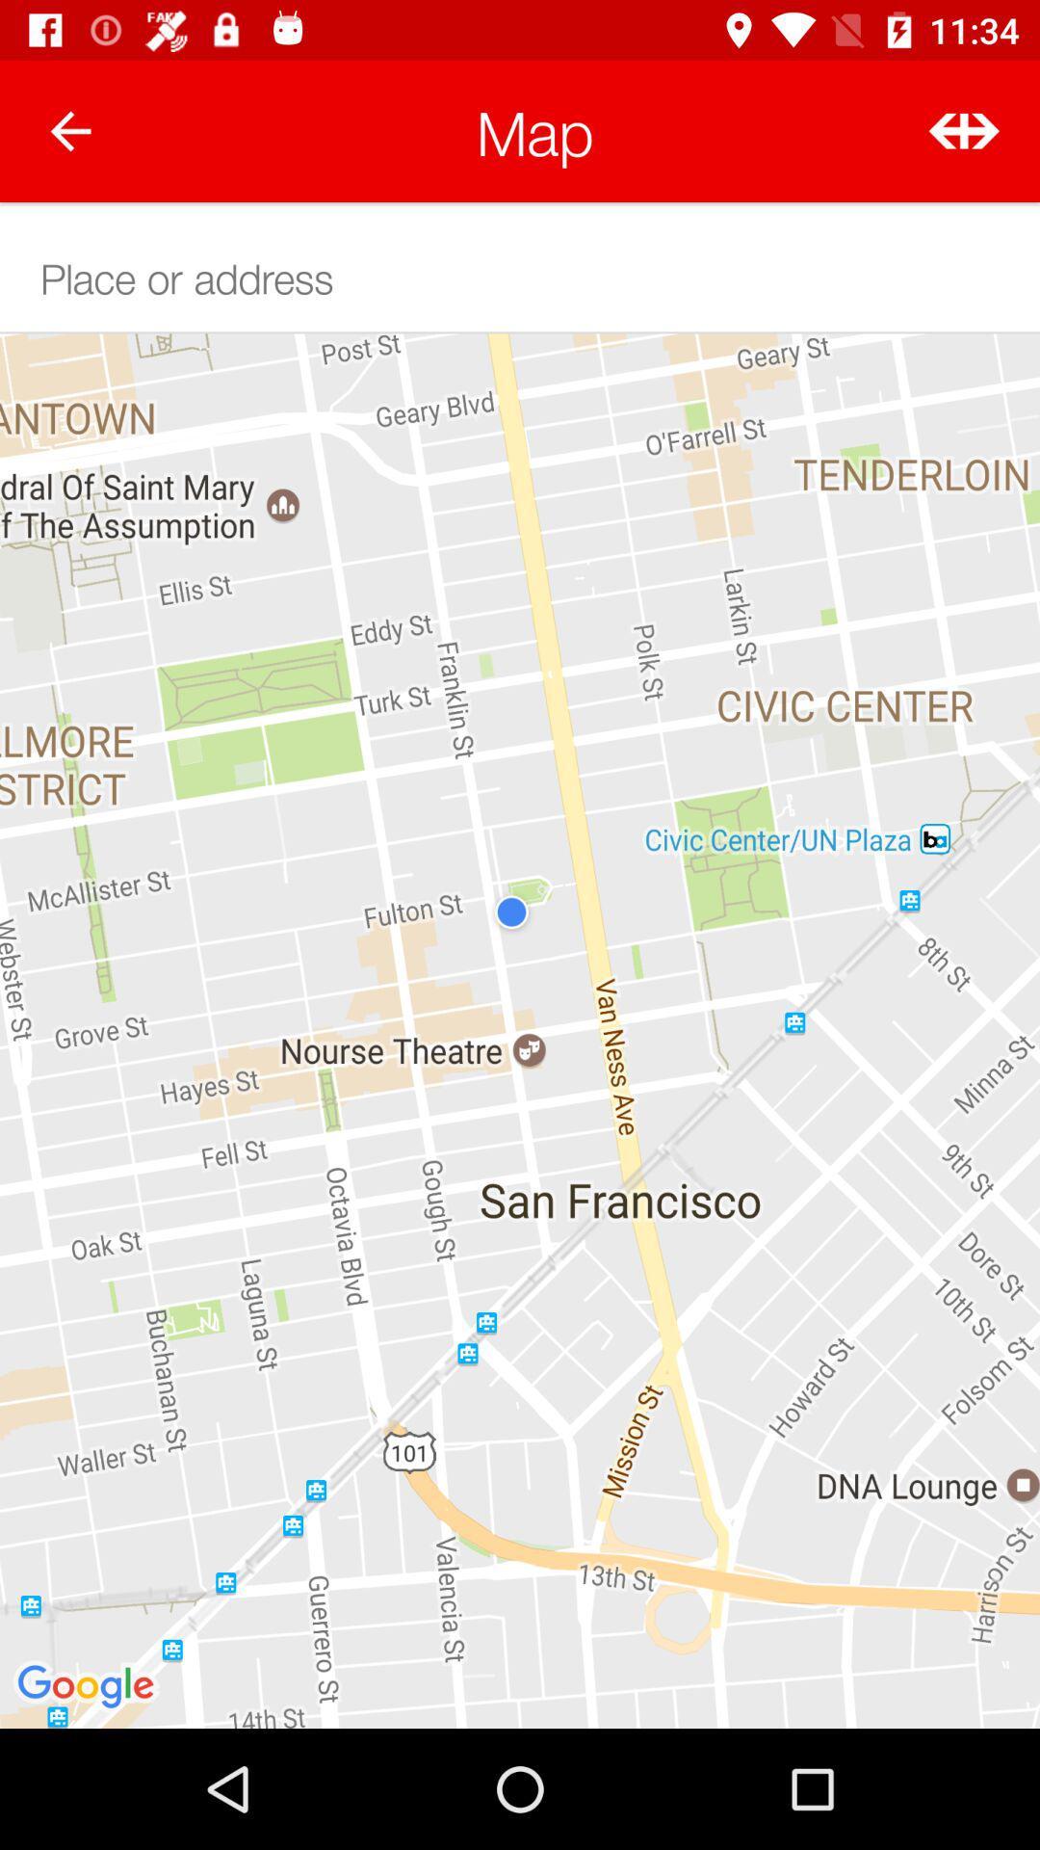 This screenshot has width=1040, height=1850. Describe the element at coordinates (520, 275) in the screenshot. I see `input address` at that location.